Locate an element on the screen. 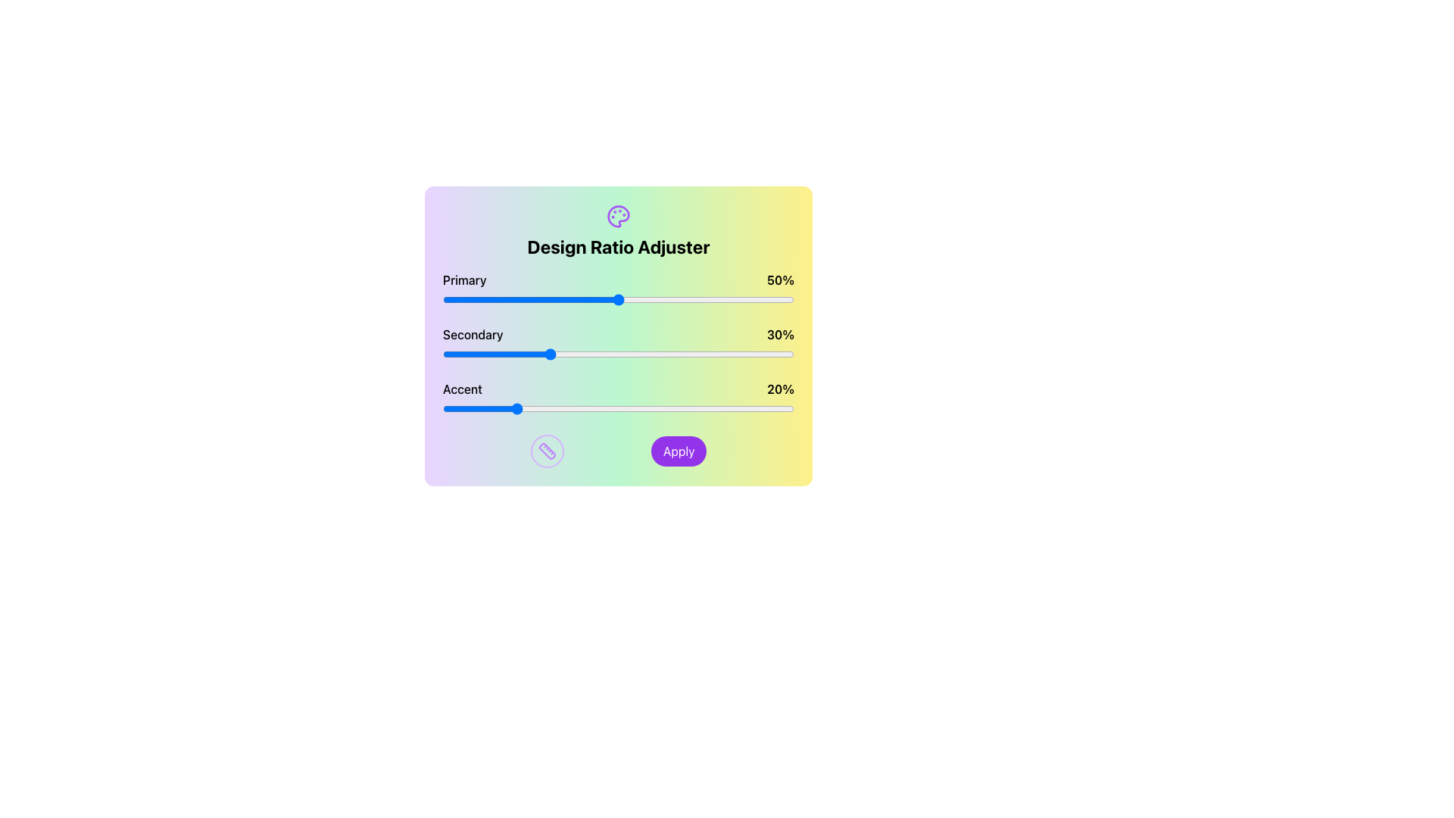 The image size is (1454, 818). the accent ratio slider is located at coordinates (576, 409).